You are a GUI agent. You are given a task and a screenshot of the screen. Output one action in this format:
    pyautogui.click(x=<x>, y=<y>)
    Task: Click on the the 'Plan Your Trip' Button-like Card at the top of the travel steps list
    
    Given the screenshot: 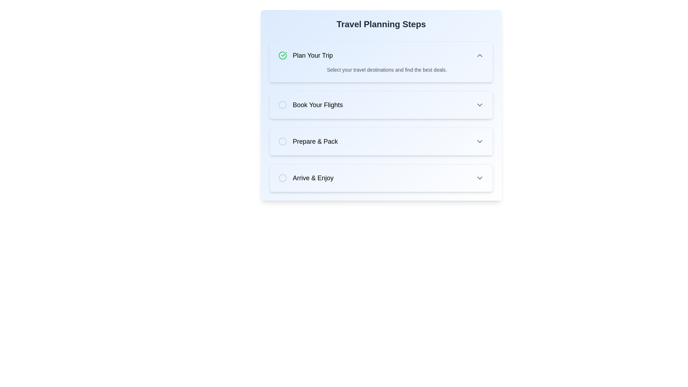 What is the action you would take?
    pyautogui.click(x=381, y=62)
    